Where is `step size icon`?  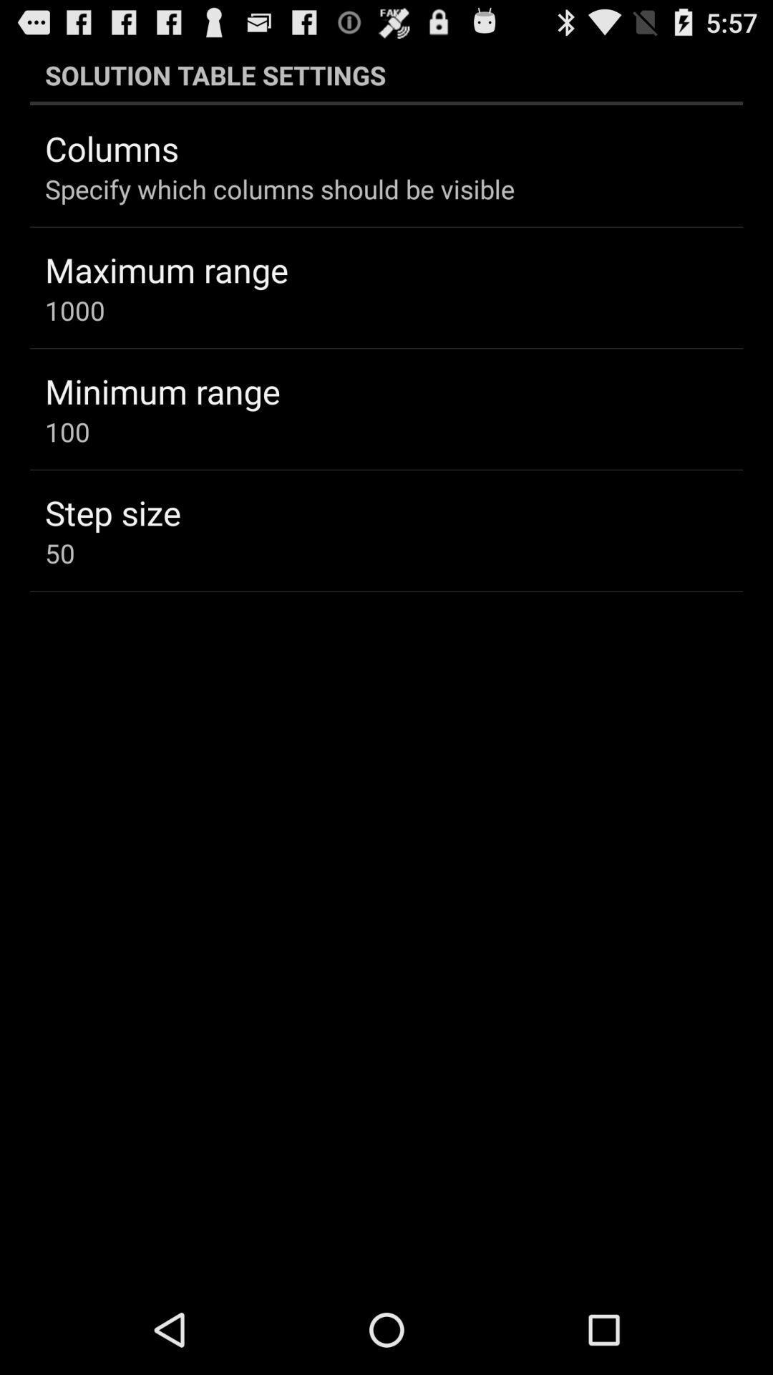
step size icon is located at coordinates (112, 512).